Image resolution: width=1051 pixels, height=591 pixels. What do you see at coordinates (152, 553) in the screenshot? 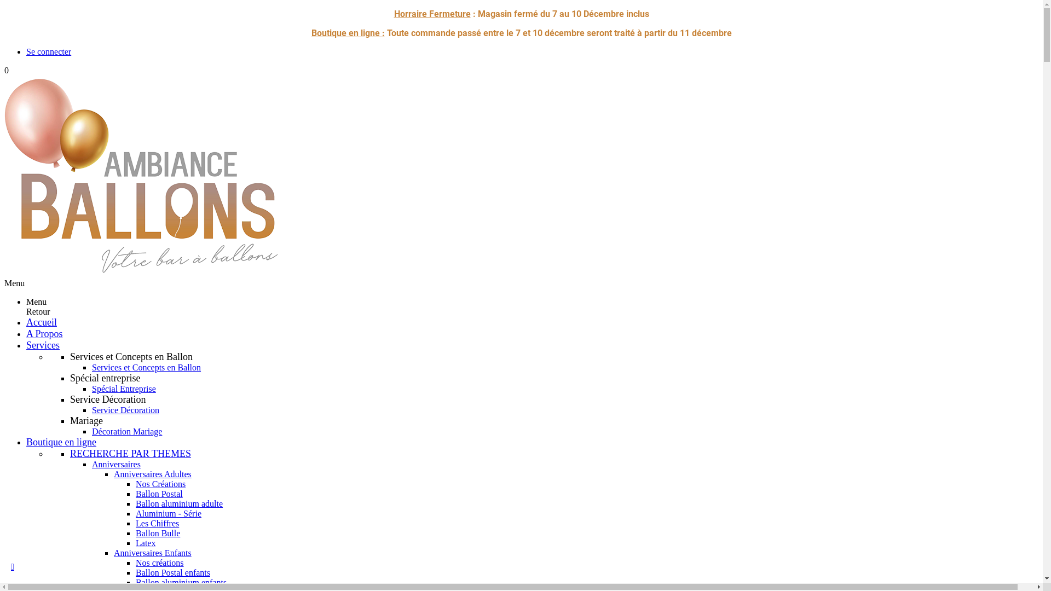
I see `'Anniversaires Enfants'` at bounding box center [152, 553].